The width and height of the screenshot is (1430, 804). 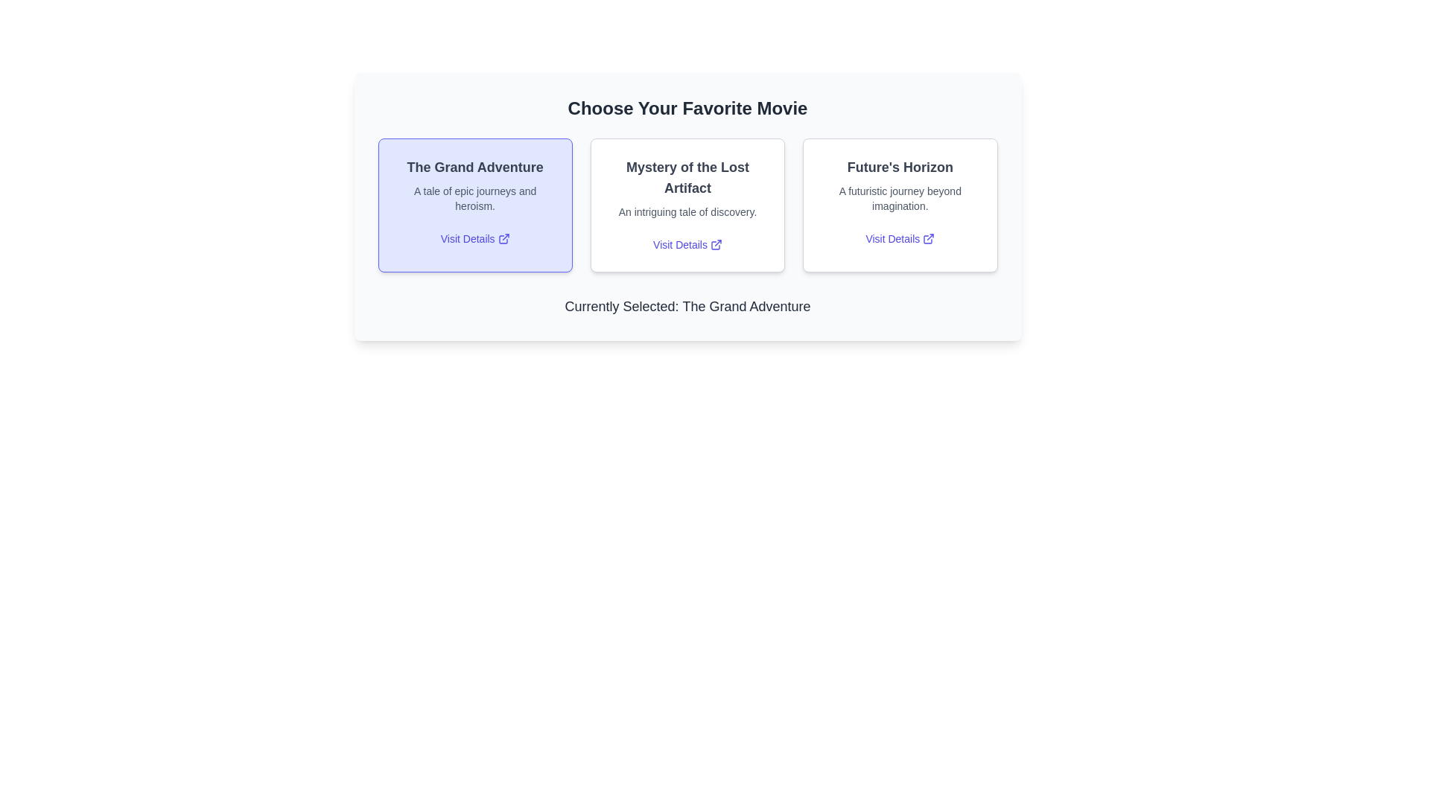 What do you see at coordinates (474, 237) in the screenshot?
I see `the hyperlink with icon located at the bottom-right corner of the 'The Grand Adventure' card` at bounding box center [474, 237].